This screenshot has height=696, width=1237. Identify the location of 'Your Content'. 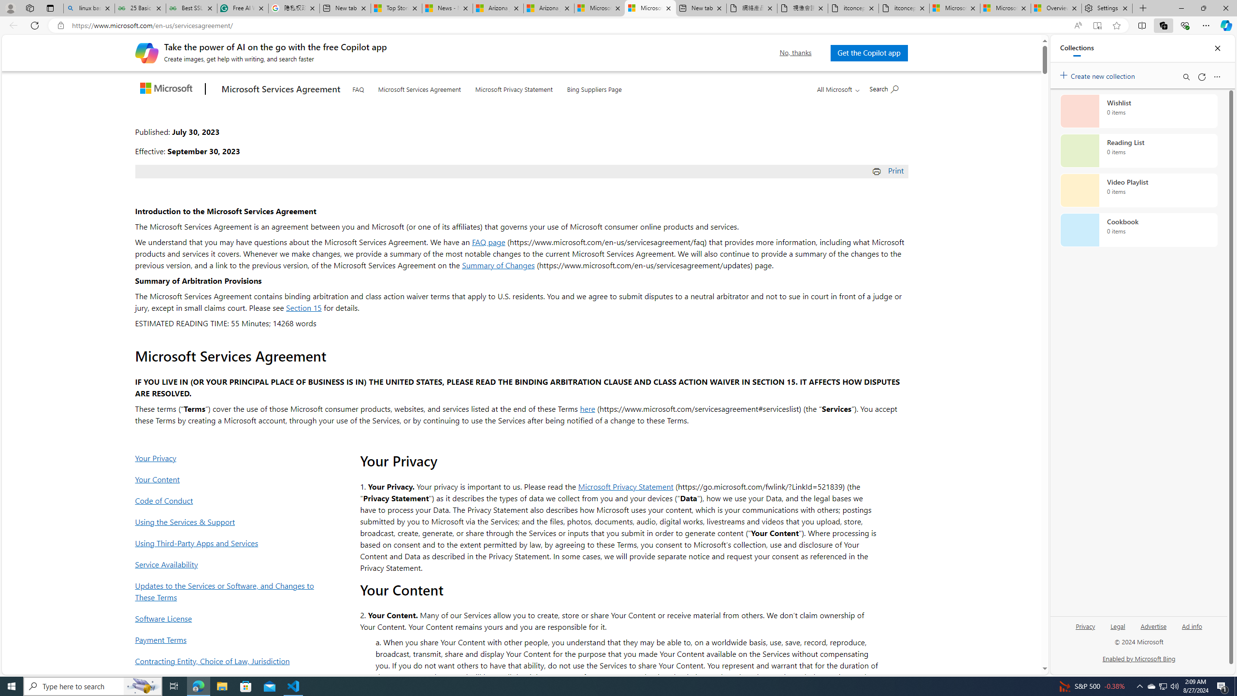
(227, 479).